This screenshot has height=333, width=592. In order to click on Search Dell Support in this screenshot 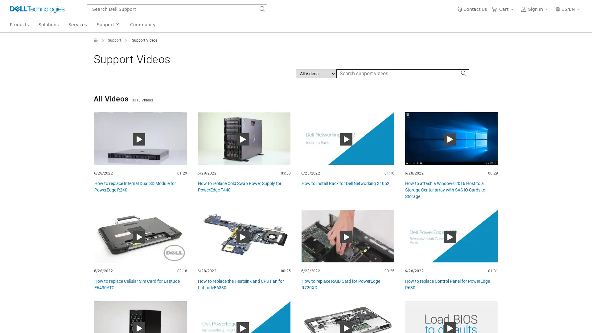, I will do `click(262, 9)`.